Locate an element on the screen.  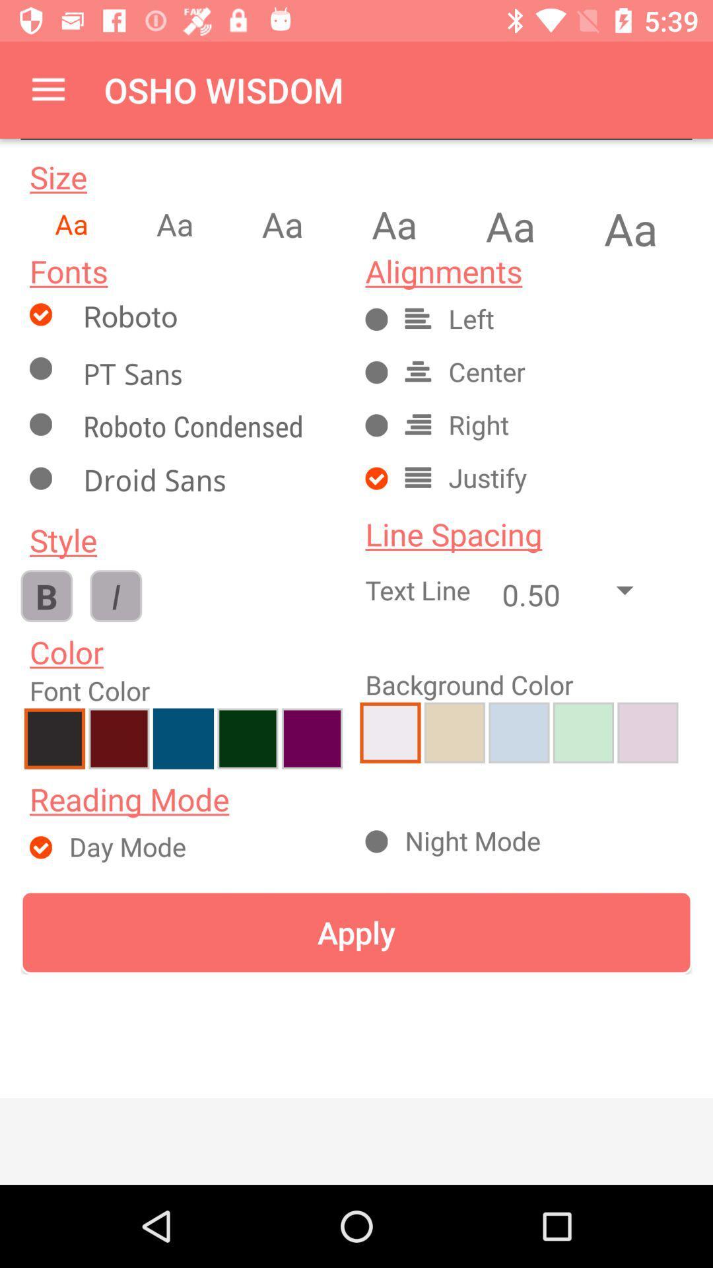
purple color is located at coordinates (647, 732).